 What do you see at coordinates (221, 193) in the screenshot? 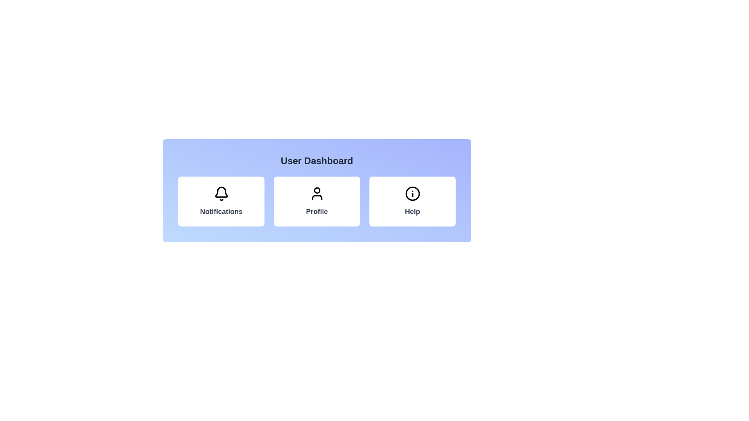
I see `the notifications icon located at the top section of the 'Notifications' card` at bounding box center [221, 193].